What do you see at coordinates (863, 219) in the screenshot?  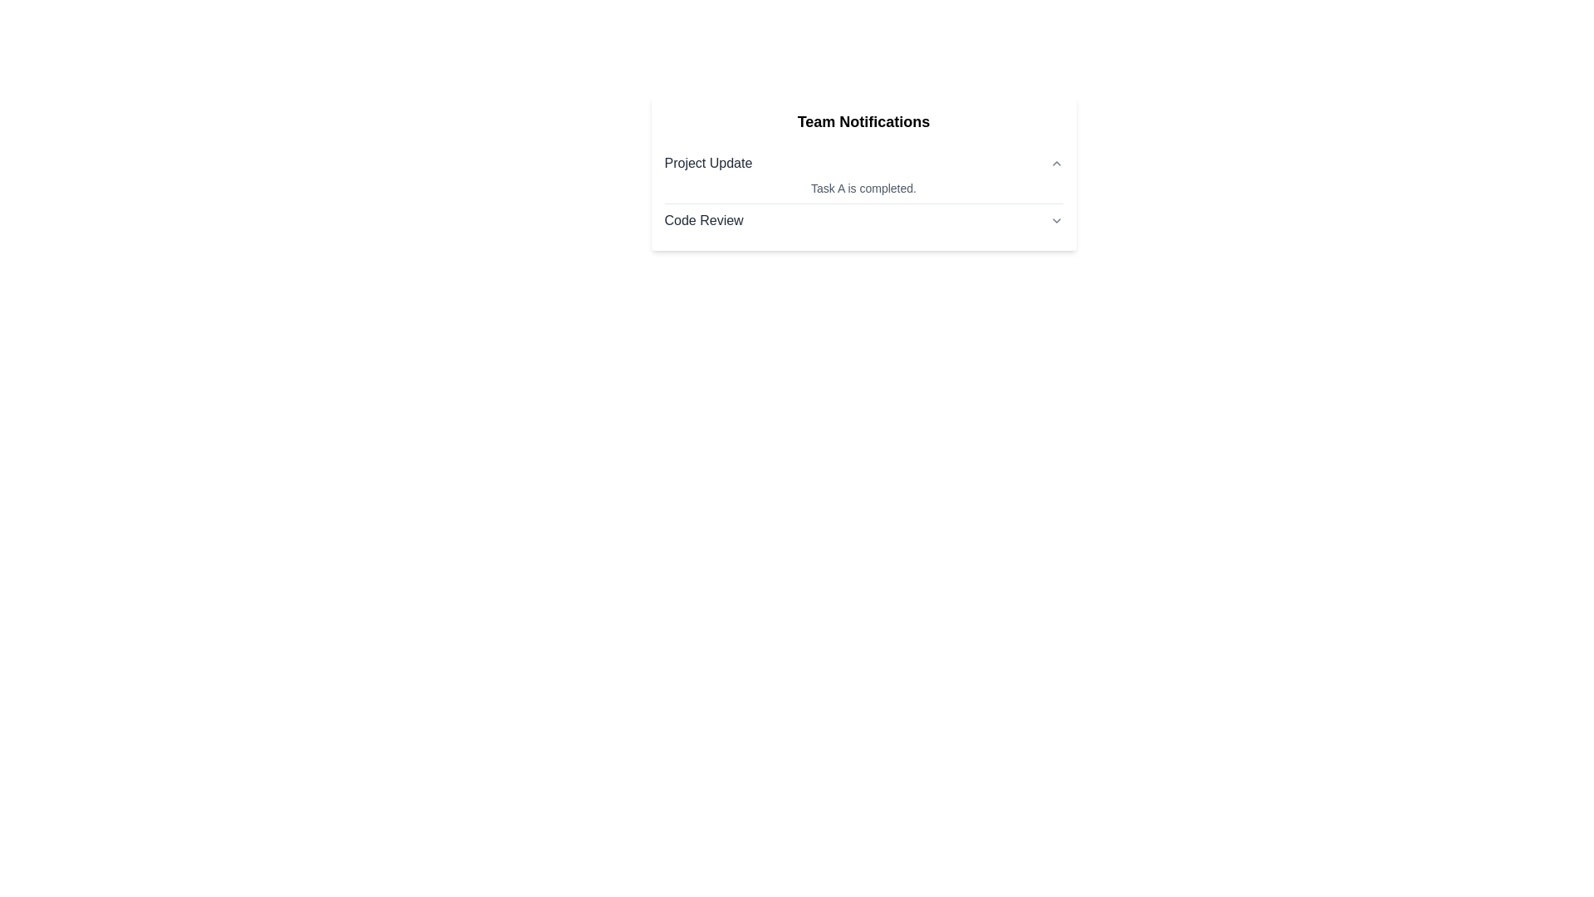 I see `the dropdown arrow of the 'Code Review' menu located in the lower half of the notification panel` at bounding box center [863, 219].